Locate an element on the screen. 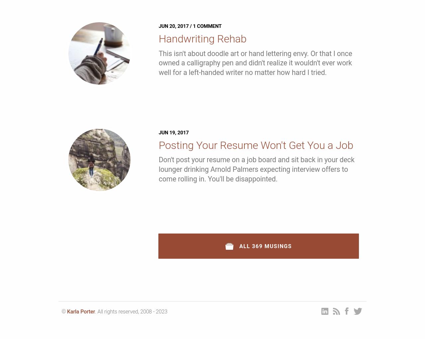 This screenshot has width=425, height=339. 'This isn't about doodle art or hand lettering envy. Or that I once owned a calligraphy pen and didn't realize it wouldn't ever work well for a left-handed writer no matter how hard I tried.' is located at coordinates (255, 63).